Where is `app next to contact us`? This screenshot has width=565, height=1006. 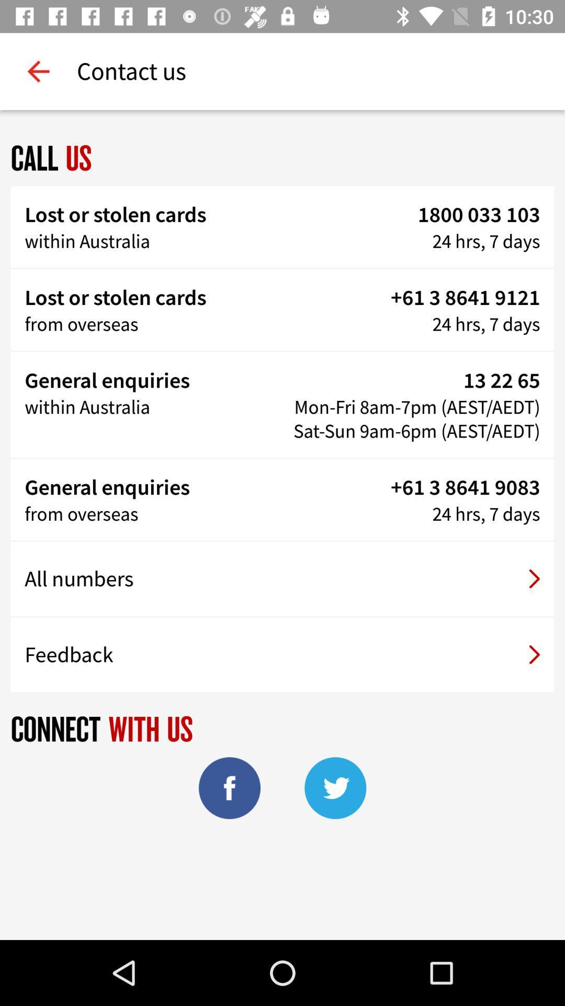
app next to contact us is located at coordinates (38, 71).